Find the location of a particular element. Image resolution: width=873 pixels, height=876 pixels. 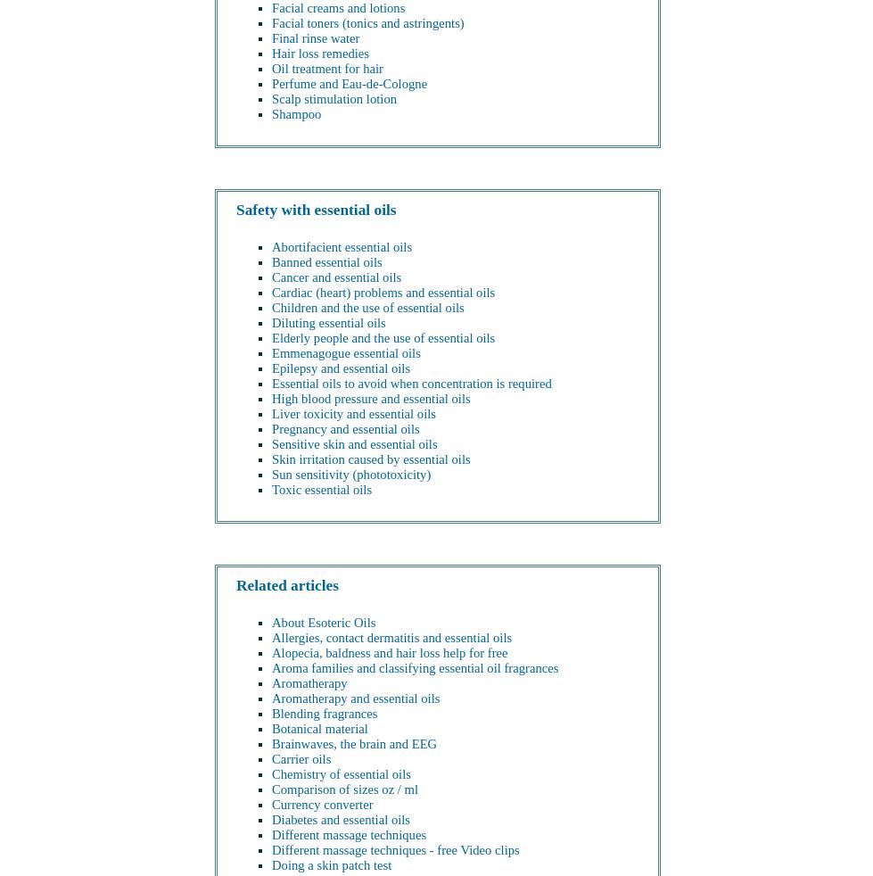

'Alopecia, baldness and hair loss help for free' is located at coordinates (390, 651).